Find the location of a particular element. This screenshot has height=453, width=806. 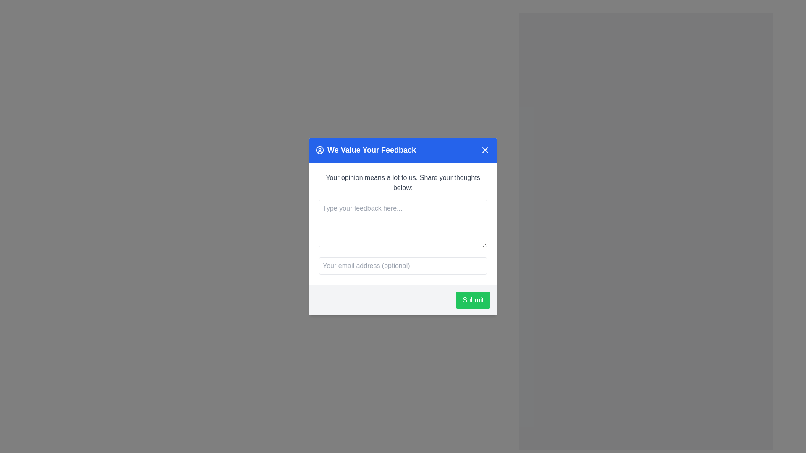

the green rectangular 'Submit' button located in the footer section of the 'We Value Your Feedback' modal to observe the hover effect is located at coordinates (473, 300).